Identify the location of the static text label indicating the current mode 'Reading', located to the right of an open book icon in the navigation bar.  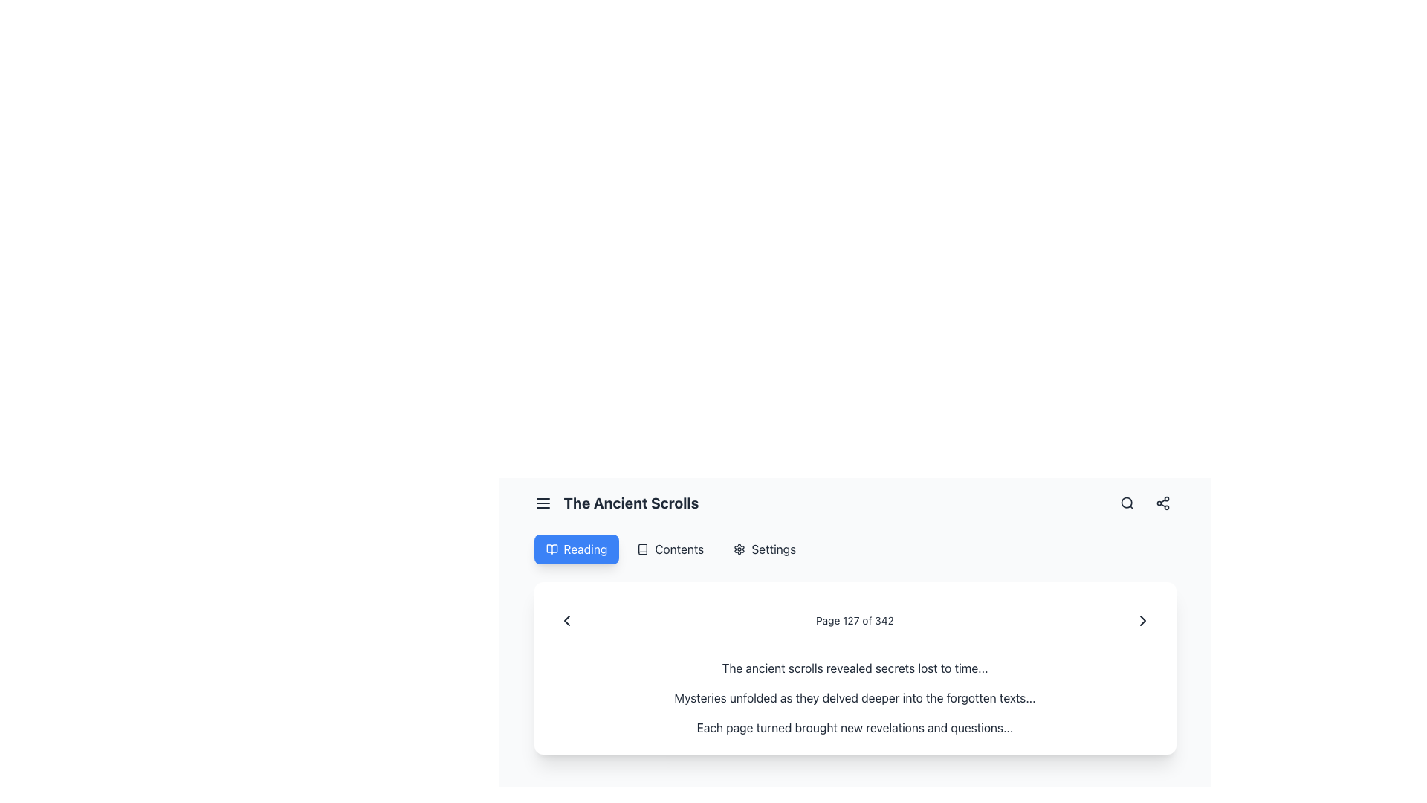
(584, 549).